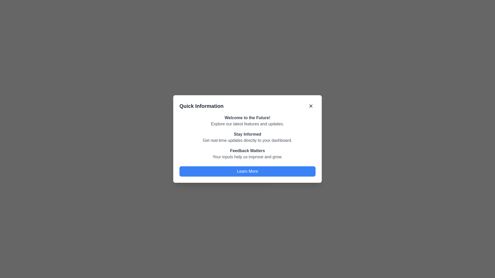 The image size is (495, 278). Describe the element at coordinates (247, 151) in the screenshot. I see `the text display that serves as a header for user feedback in the modal dialog box, located directly above the text 'Your inputs help us improve and grow.'` at that location.